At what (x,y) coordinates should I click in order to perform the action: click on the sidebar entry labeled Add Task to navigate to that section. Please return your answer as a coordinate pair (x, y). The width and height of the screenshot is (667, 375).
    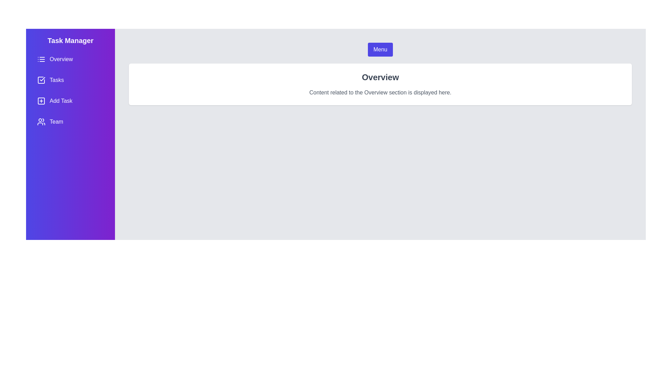
    Looking at the image, I should click on (70, 101).